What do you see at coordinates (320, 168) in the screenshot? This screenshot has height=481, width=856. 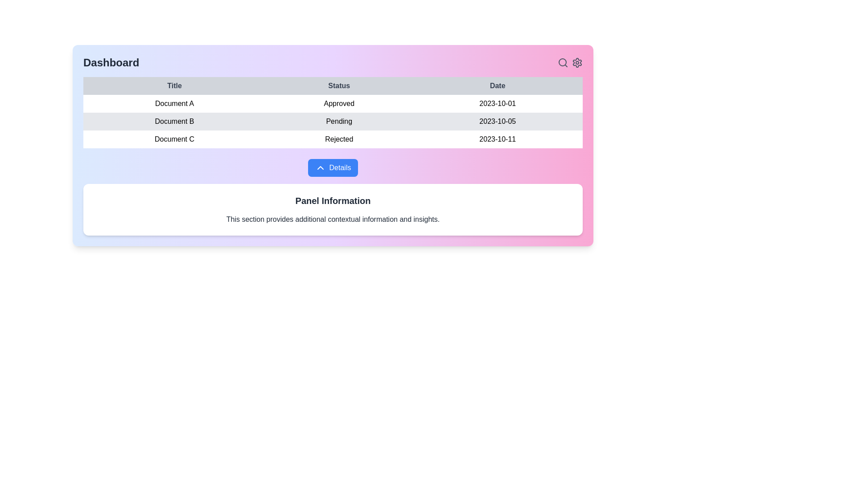 I see `the chevron icon located at the leftmost side of the 'Details' button` at bounding box center [320, 168].